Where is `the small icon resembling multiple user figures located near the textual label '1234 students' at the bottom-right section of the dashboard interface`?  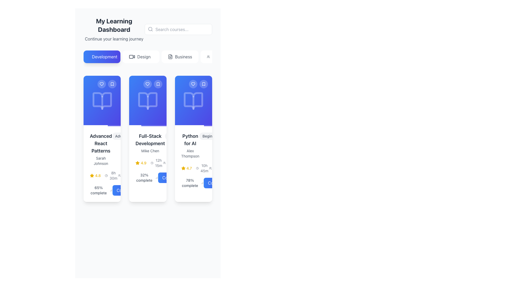
the small icon resembling multiple user figures located near the textual label '1234 students' at the bottom-right section of the dashboard interface is located at coordinates (119, 175).